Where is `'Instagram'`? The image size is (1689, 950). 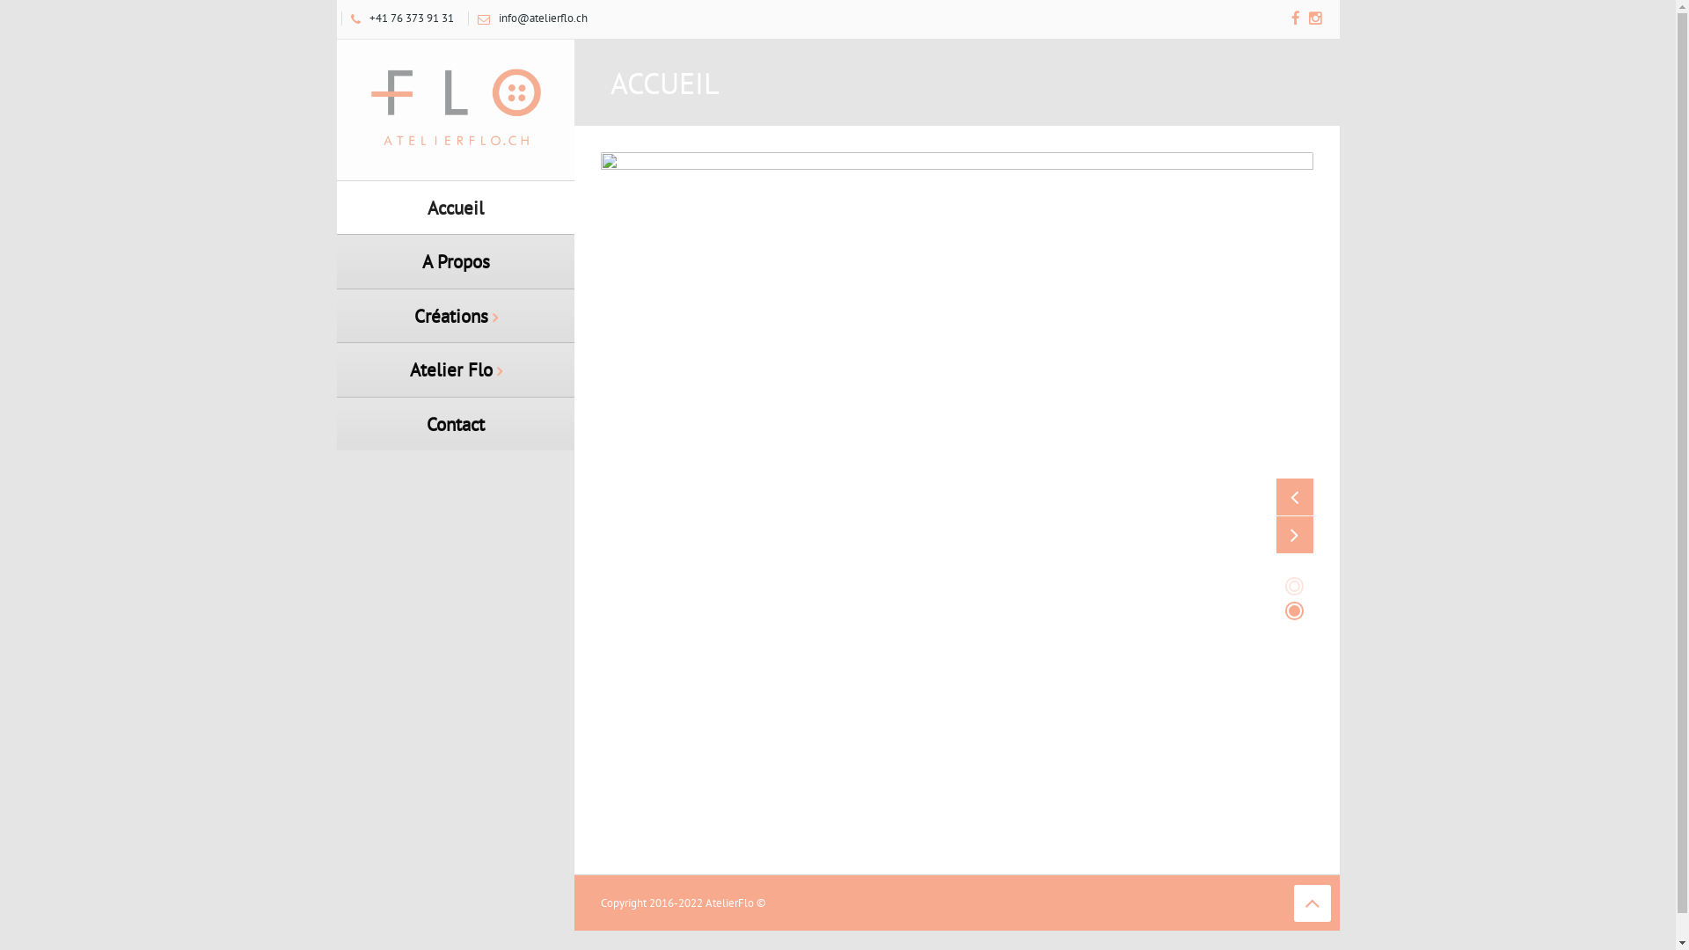
'Instagram' is located at coordinates (1315, 19).